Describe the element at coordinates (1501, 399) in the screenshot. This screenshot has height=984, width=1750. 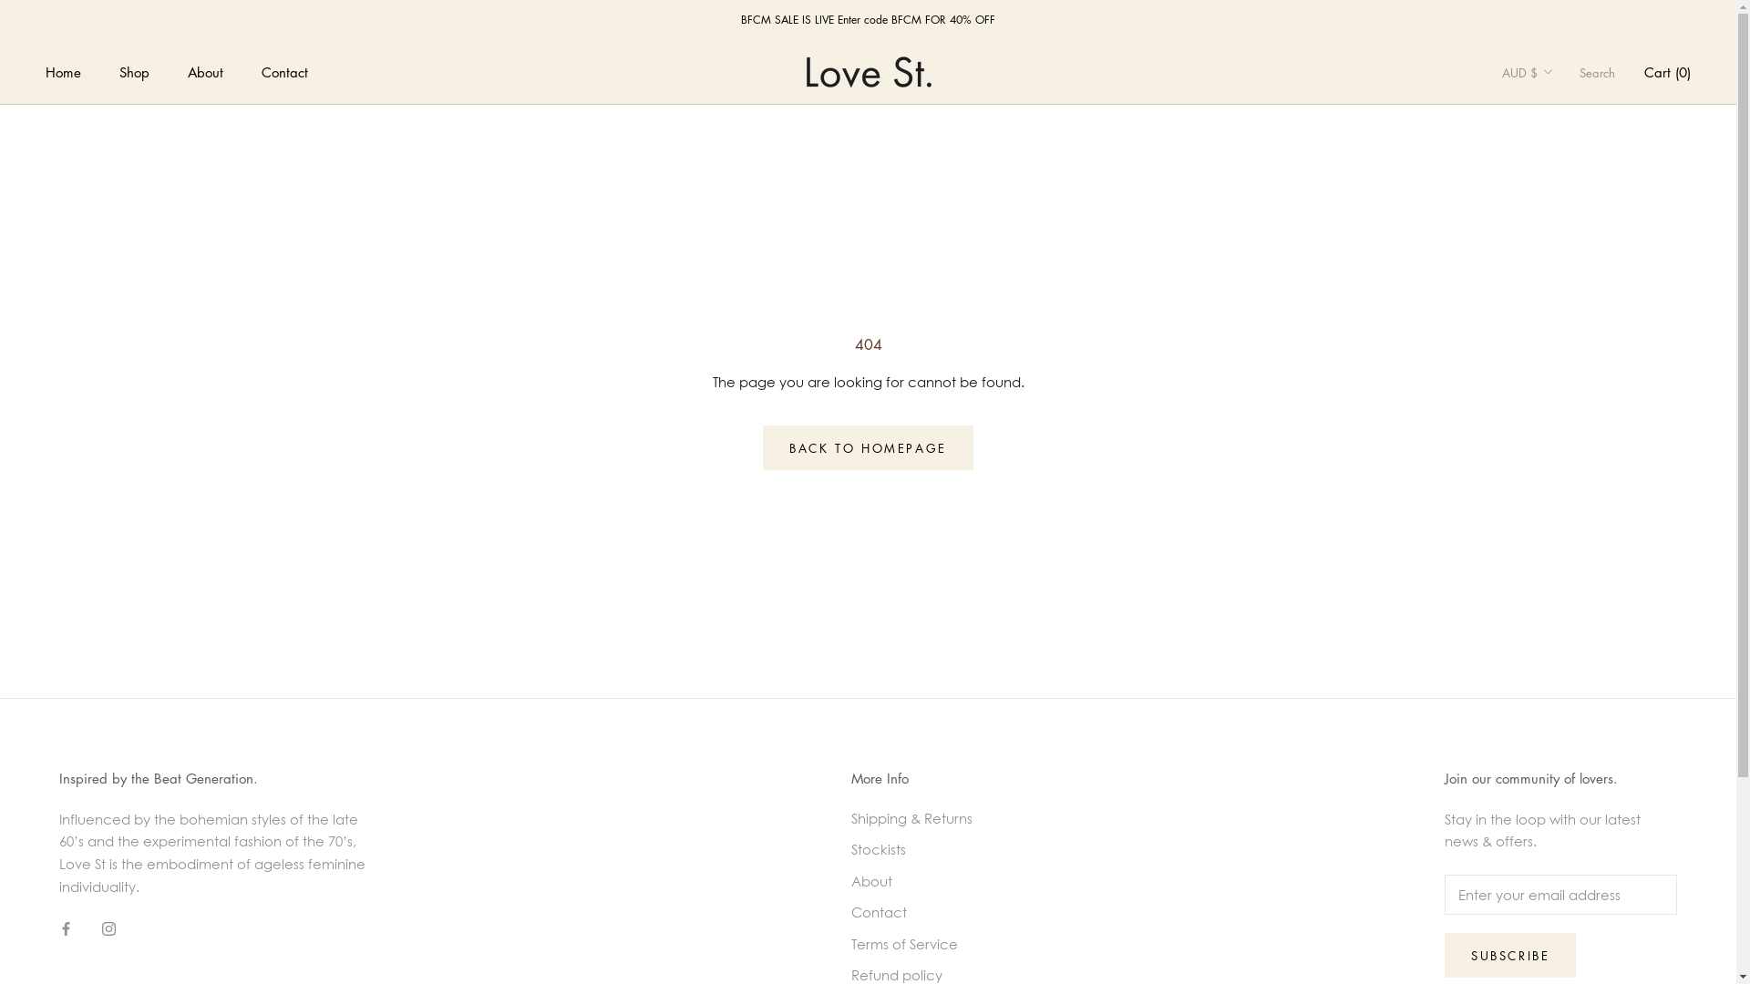
I see `'BDT'` at that location.